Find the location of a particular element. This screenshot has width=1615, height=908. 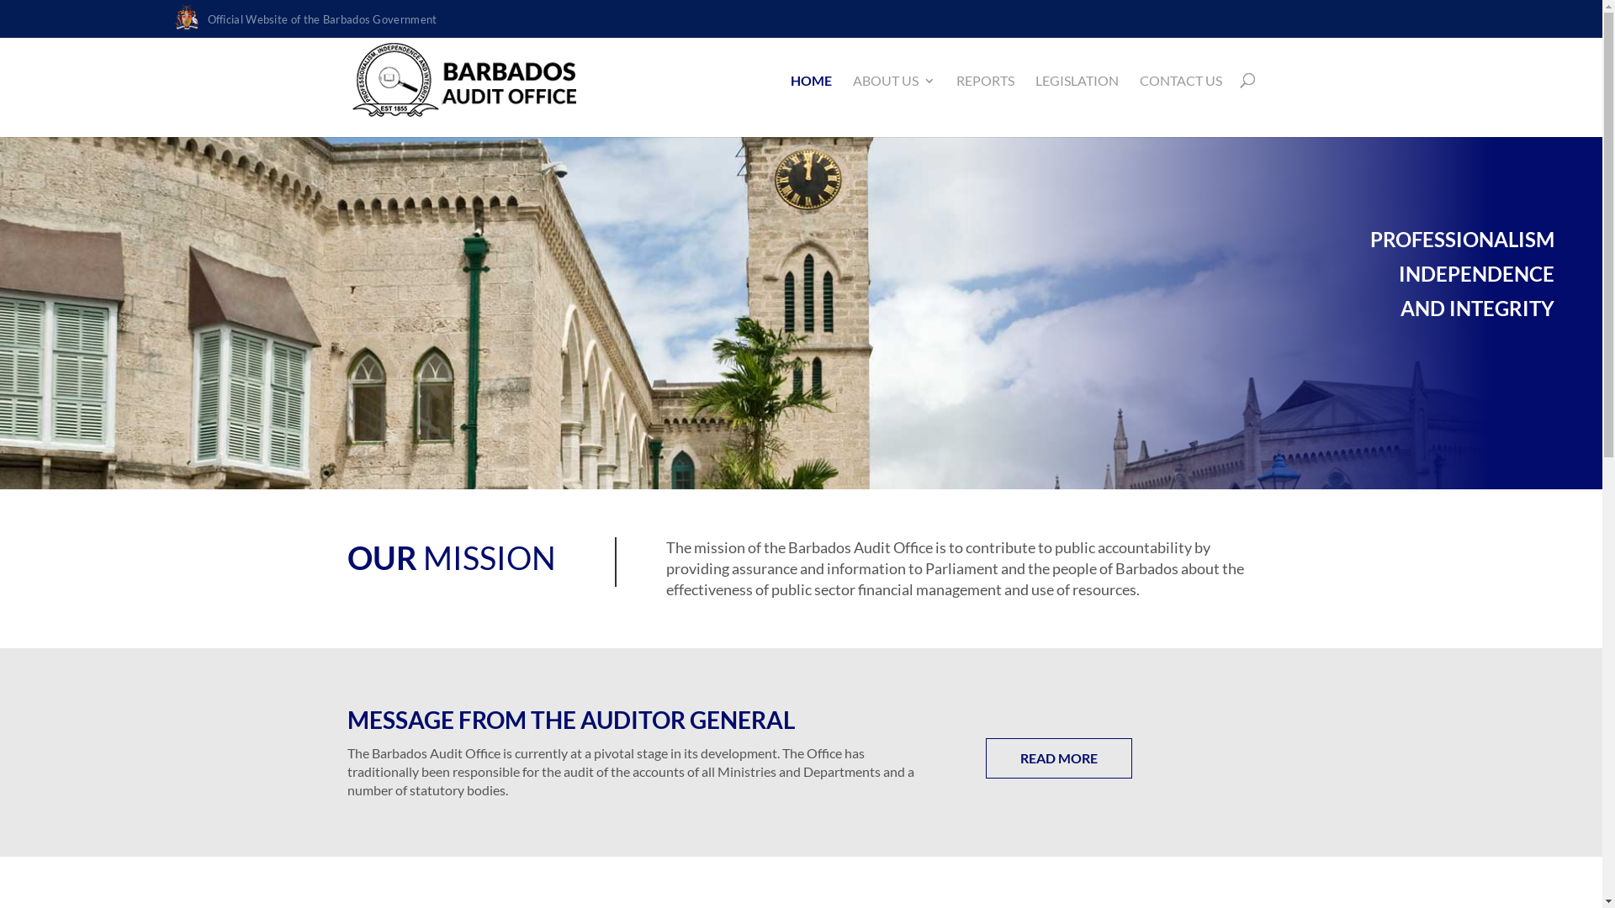

'ABOUT US' is located at coordinates (892, 81).